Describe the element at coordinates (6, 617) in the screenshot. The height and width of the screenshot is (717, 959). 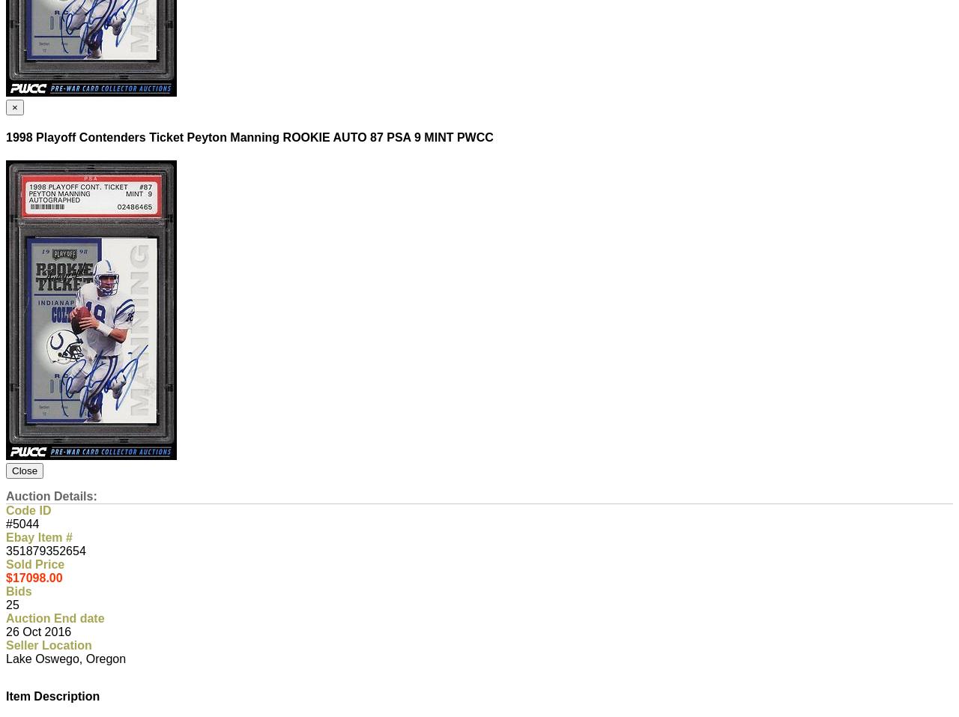
I see `'Auction End date'` at that location.